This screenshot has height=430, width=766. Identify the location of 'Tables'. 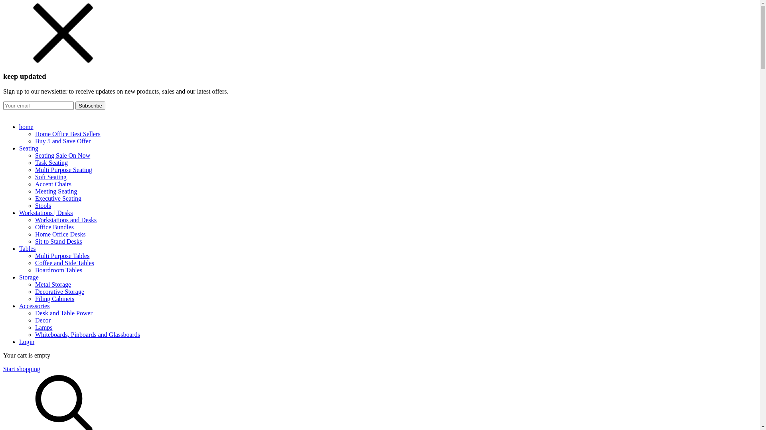
(388, 248).